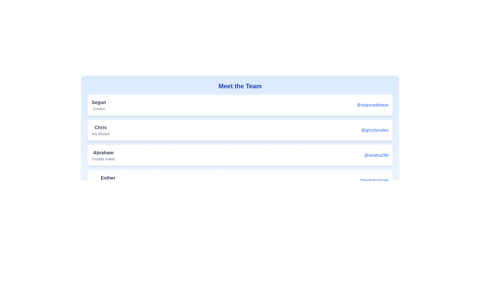 The width and height of the screenshot is (503, 283). Describe the element at coordinates (99, 108) in the screenshot. I see `the static text label displaying the role or title of the individual named 'Segun' in the team listing` at that location.